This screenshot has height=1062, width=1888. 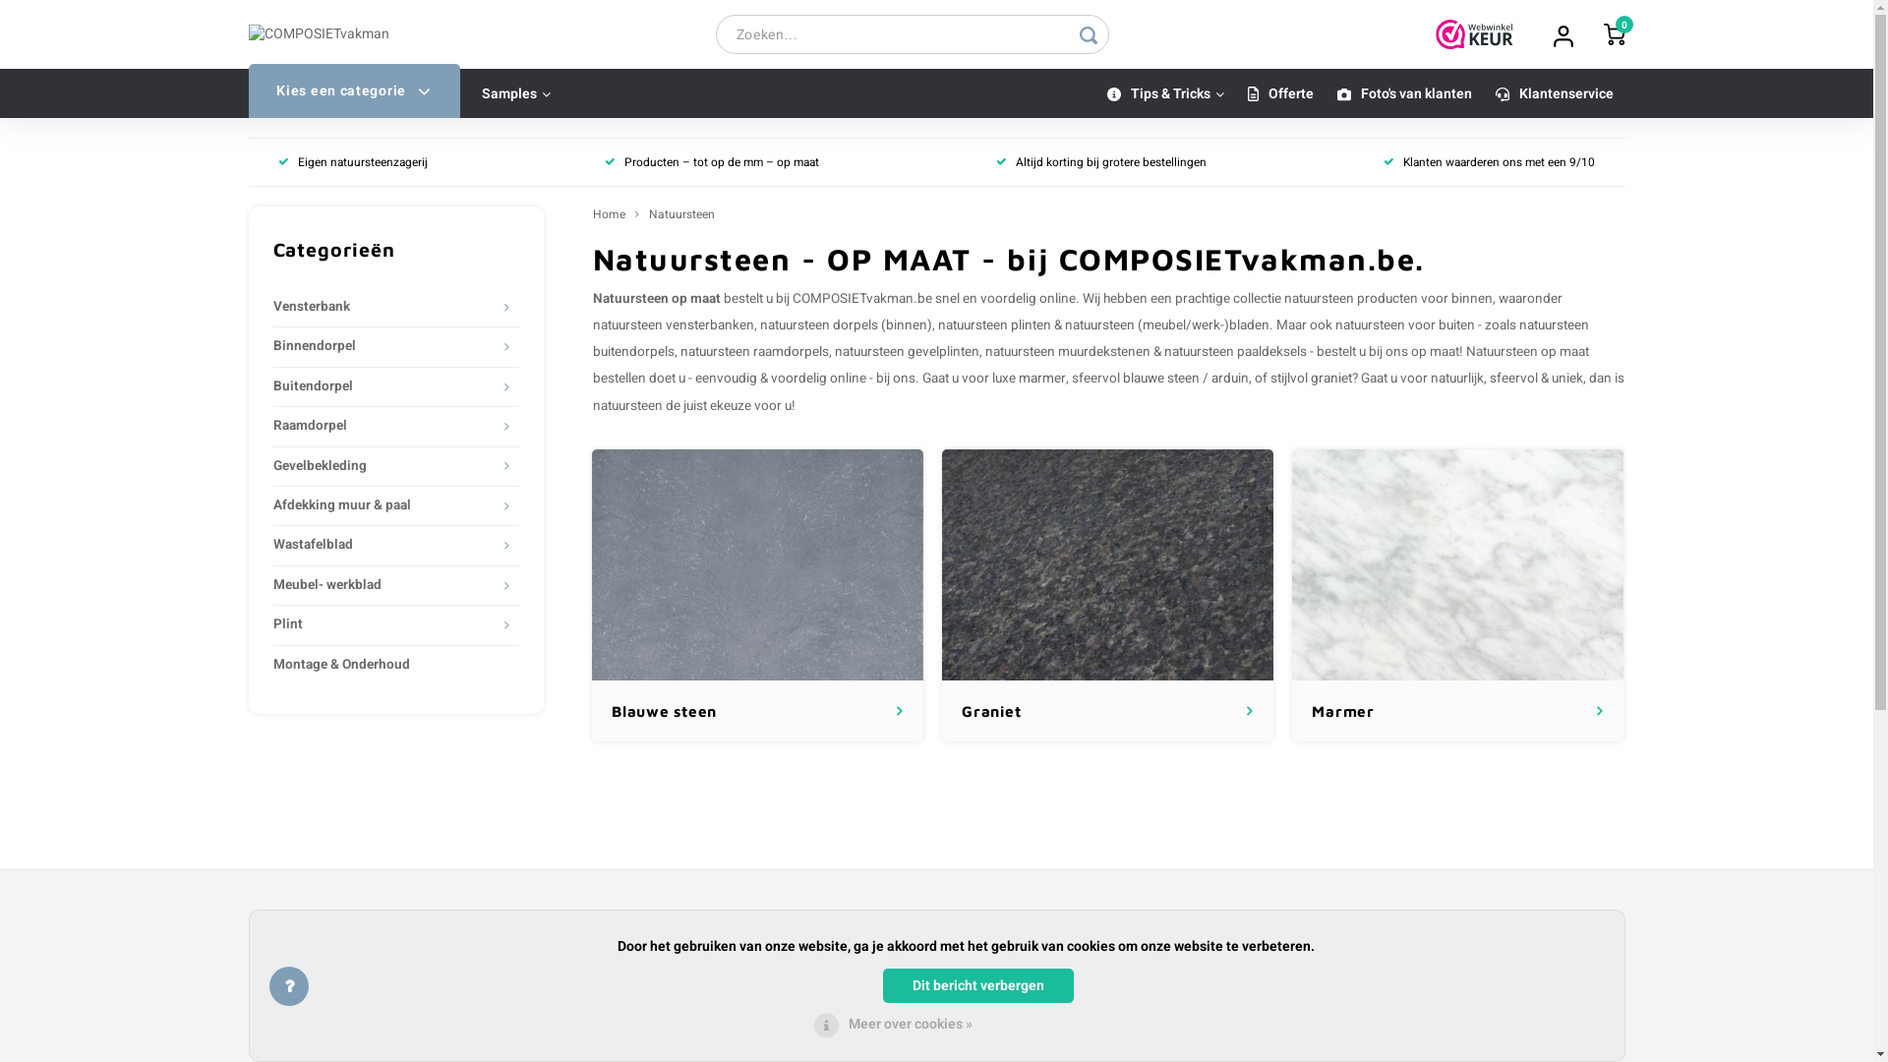 What do you see at coordinates (1234, 94) in the screenshot?
I see `'Offerte'` at bounding box center [1234, 94].